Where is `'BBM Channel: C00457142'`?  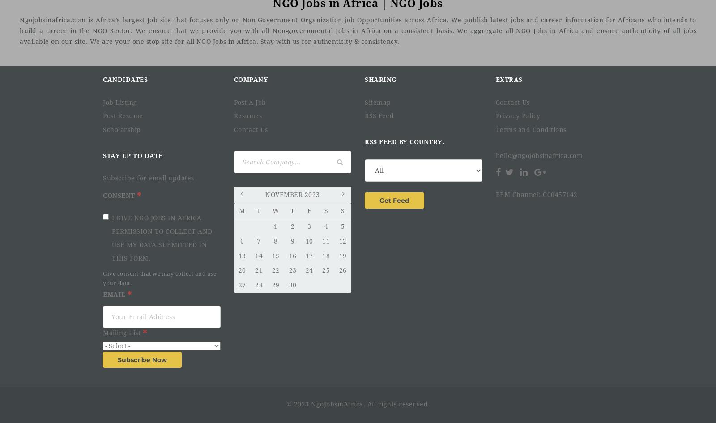
'BBM Channel: C00457142' is located at coordinates (536, 194).